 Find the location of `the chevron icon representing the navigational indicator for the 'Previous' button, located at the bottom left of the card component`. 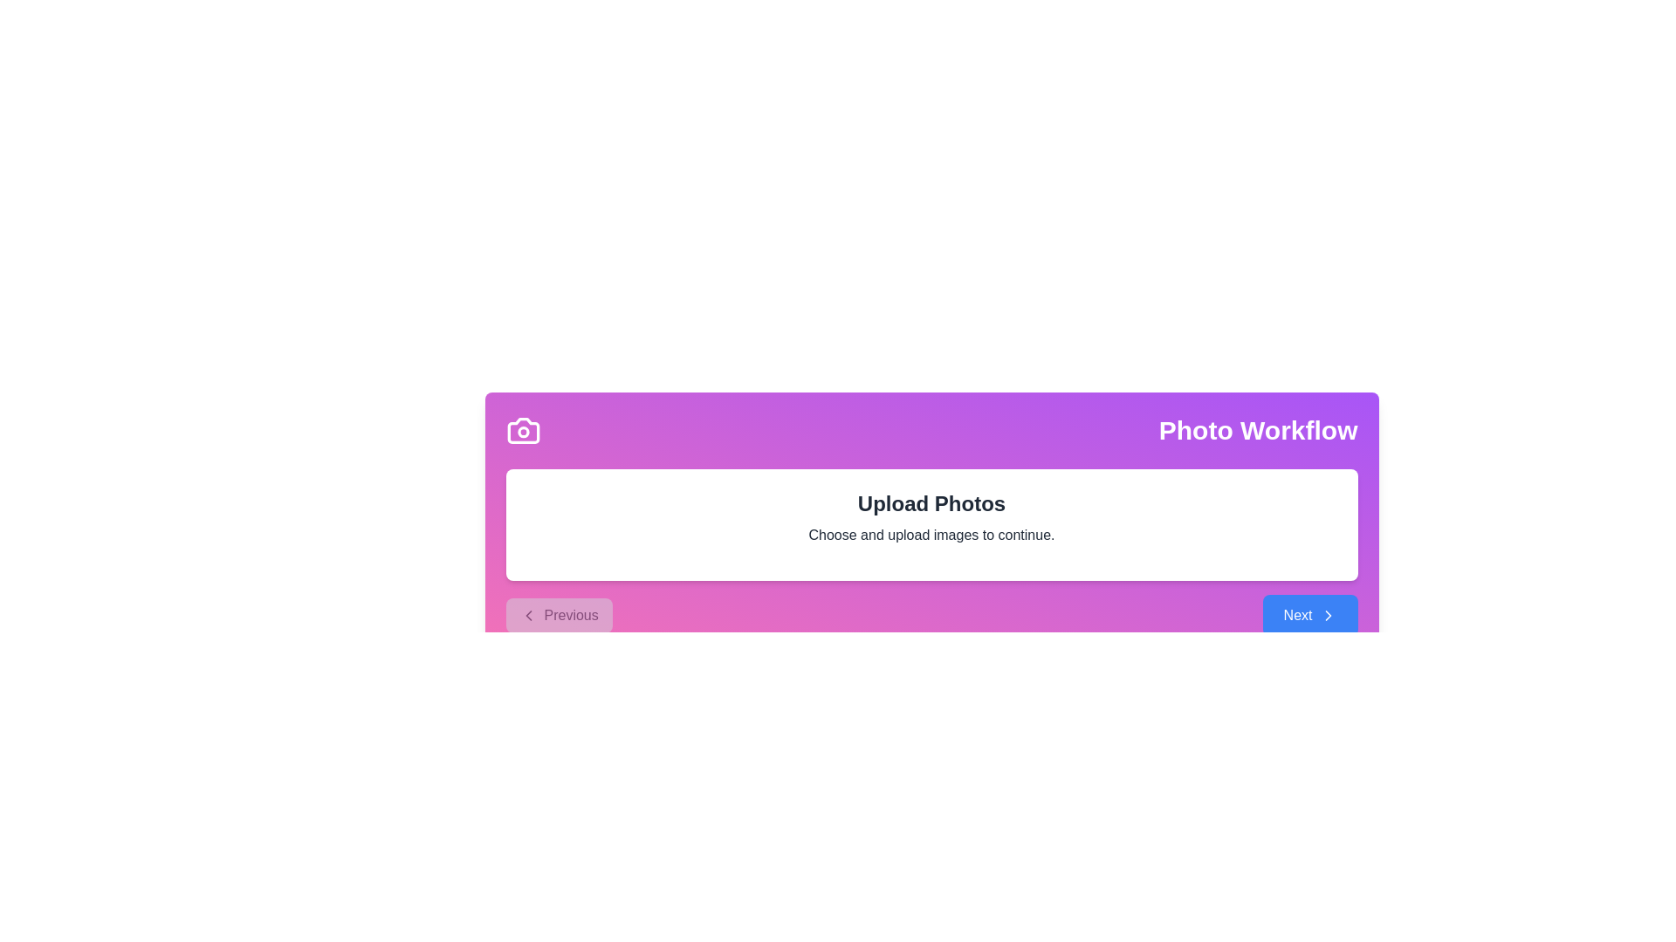

the chevron icon representing the navigational indicator for the 'Previous' button, located at the bottom left of the card component is located at coordinates (527, 614).